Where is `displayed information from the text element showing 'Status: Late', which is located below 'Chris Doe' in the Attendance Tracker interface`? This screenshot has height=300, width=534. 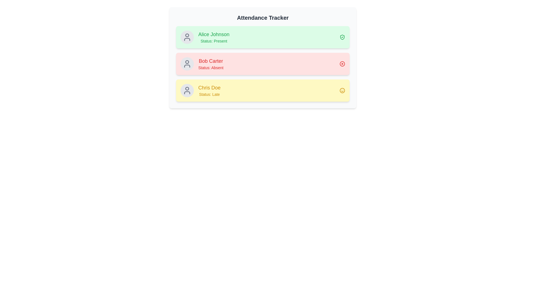 displayed information from the text element showing 'Status: Late', which is located below 'Chris Doe' in the Attendance Tracker interface is located at coordinates (209, 94).